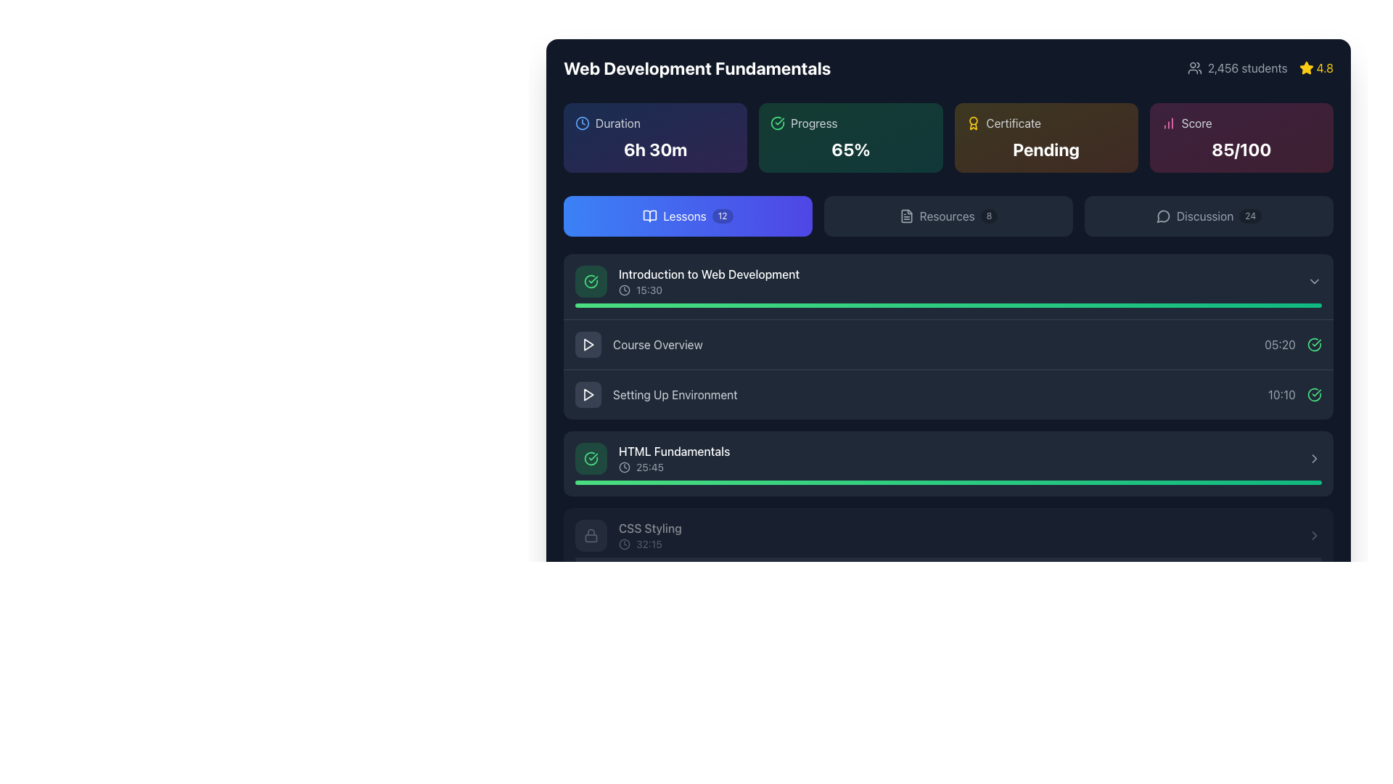  I want to click on displayed rating information that is represented by a yellow star icon and the text '4.8', located in the top-right corner of the interface next to '2,456 students', so click(1316, 68).